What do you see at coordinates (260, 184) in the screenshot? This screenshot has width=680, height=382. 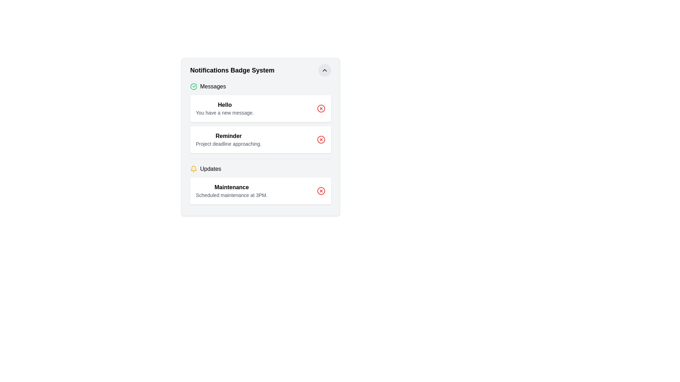 I see `information from the Notification item titled 'Maintenance' with a red circular icon and an 'x', located in the bottom section of notifications, specifically the third item under 'Updates'` at bounding box center [260, 184].